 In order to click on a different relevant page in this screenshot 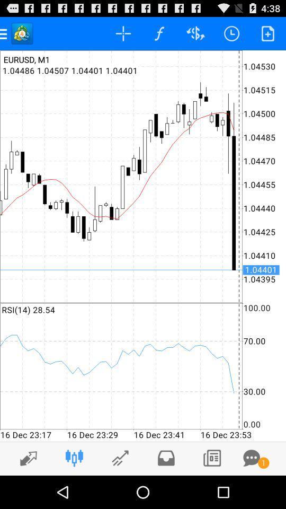, I will do `click(120, 458)`.